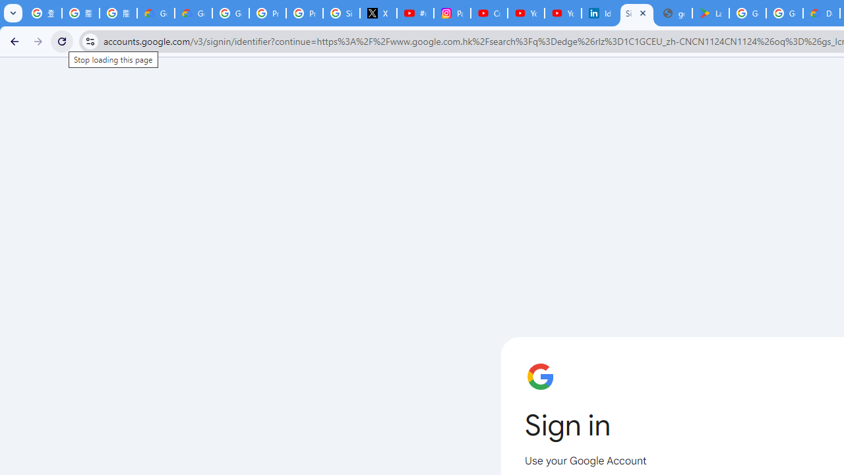  What do you see at coordinates (562, 13) in the screenshot?
I see `'YouTube Culture & Trends - YouTube Top 10, 2021'` at bounding box center [562, 13].